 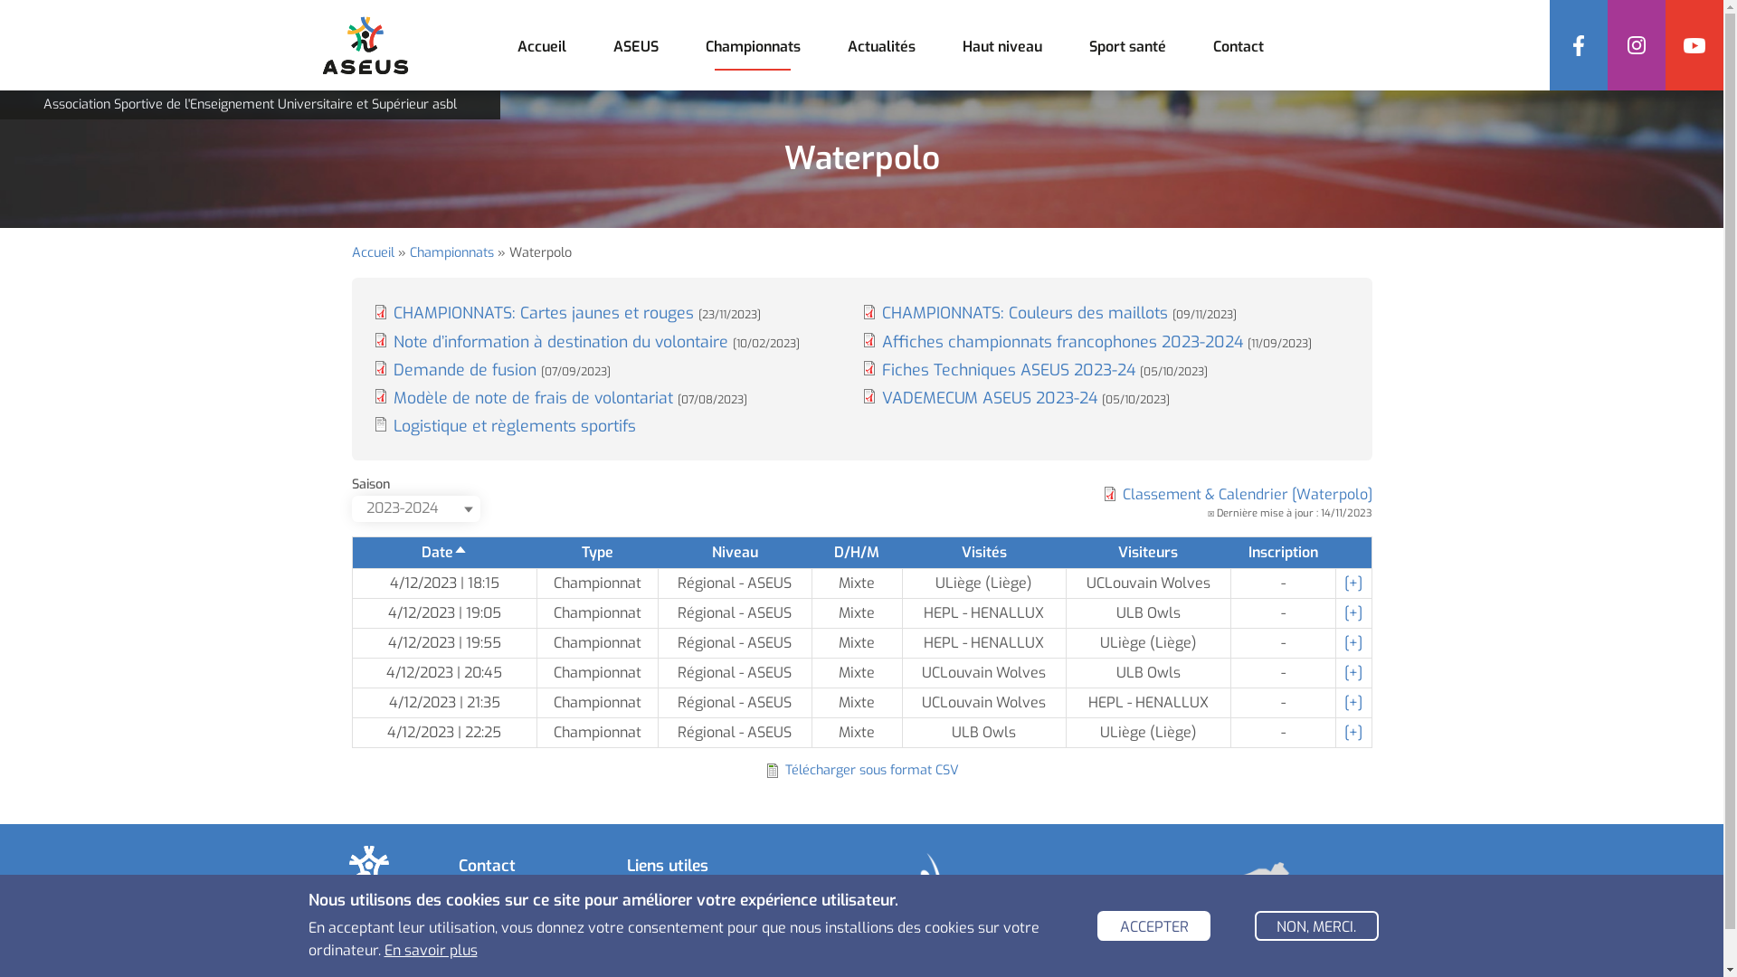 I want to click on 'Niveau', so click(x=711, y=551).